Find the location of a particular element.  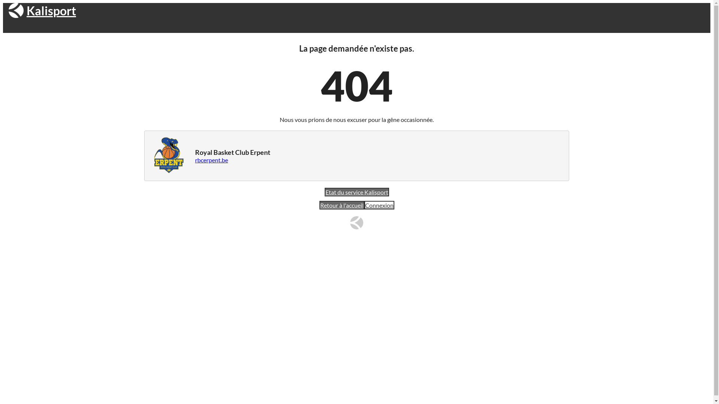

'rbcerpent.be' is located at coordinates (211, 159).